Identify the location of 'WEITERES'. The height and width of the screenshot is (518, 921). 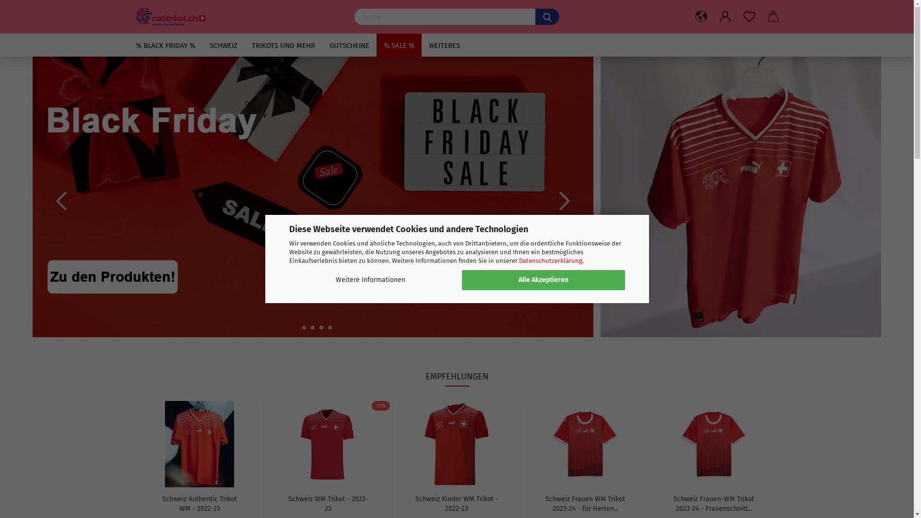
(443, 45).